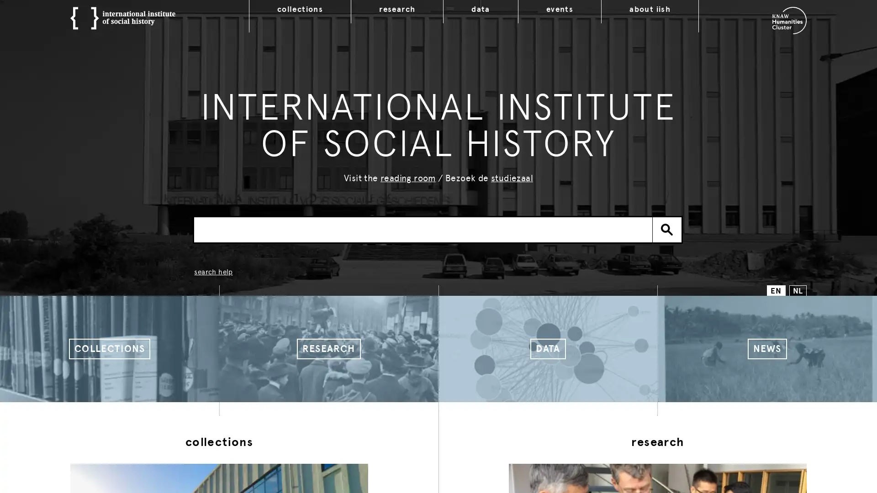 The height and width of the screenshot is (493, 877). I want to click on Search, so click(667, 229).